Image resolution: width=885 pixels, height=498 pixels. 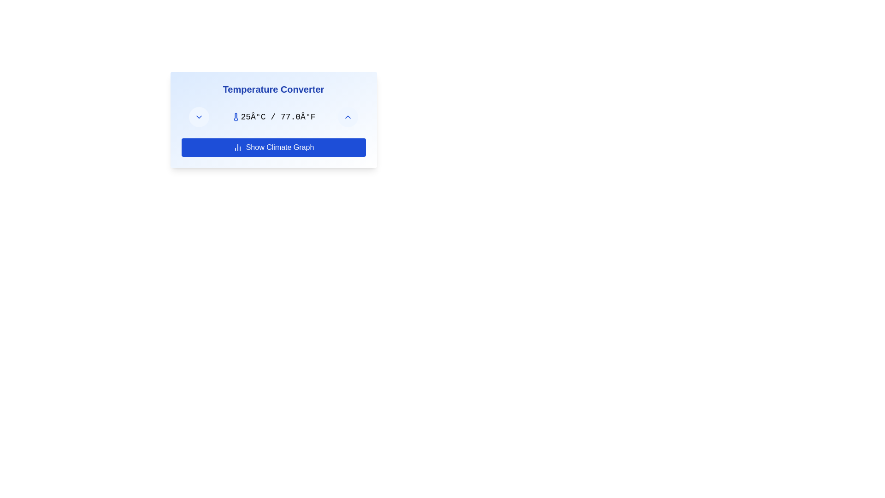 What do you see at coordinates (273, 147) in the screenshot?
I see `the button located at the bottom of the 'Temperature Converter' card` at bounding box center [273, 147].